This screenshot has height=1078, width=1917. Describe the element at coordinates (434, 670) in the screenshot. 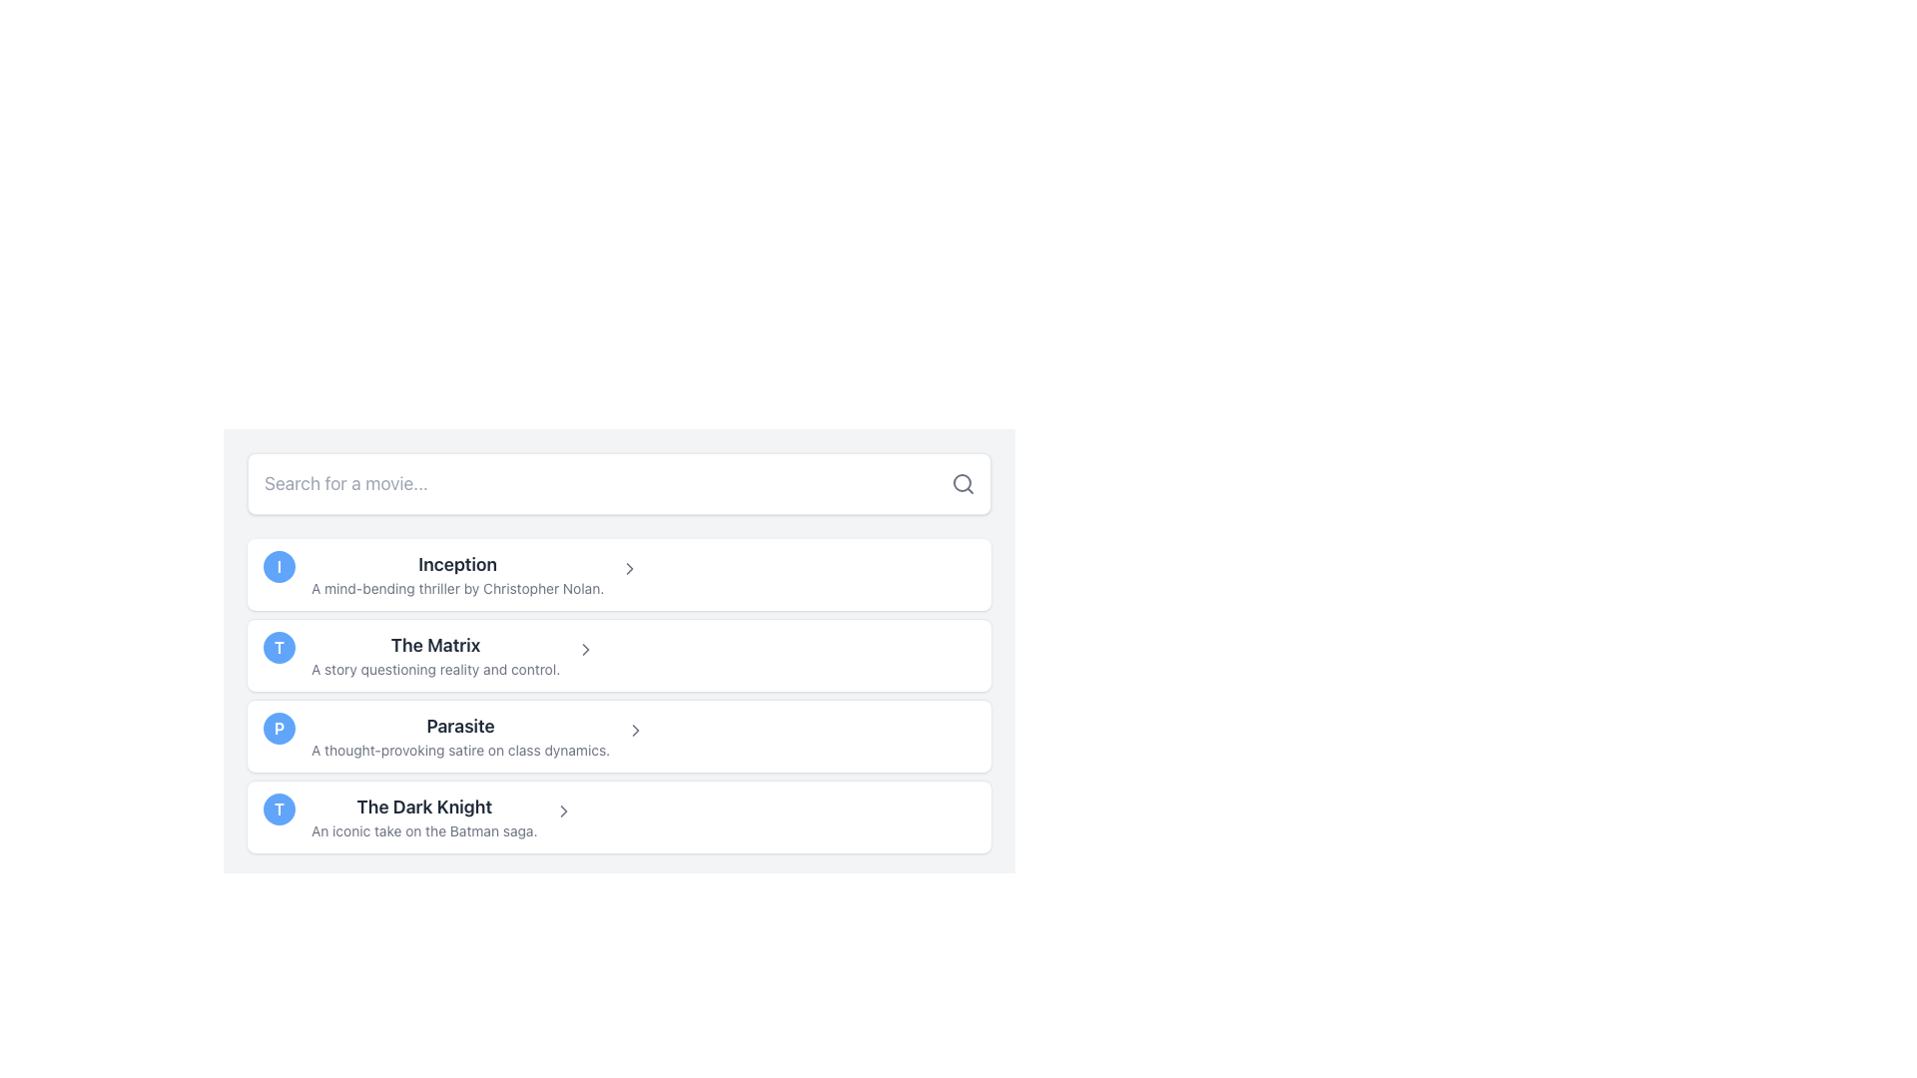

I see `text label containing the description 'A story questioning reality and control.' located below the title 'The Matrix' in gray color` at that location.